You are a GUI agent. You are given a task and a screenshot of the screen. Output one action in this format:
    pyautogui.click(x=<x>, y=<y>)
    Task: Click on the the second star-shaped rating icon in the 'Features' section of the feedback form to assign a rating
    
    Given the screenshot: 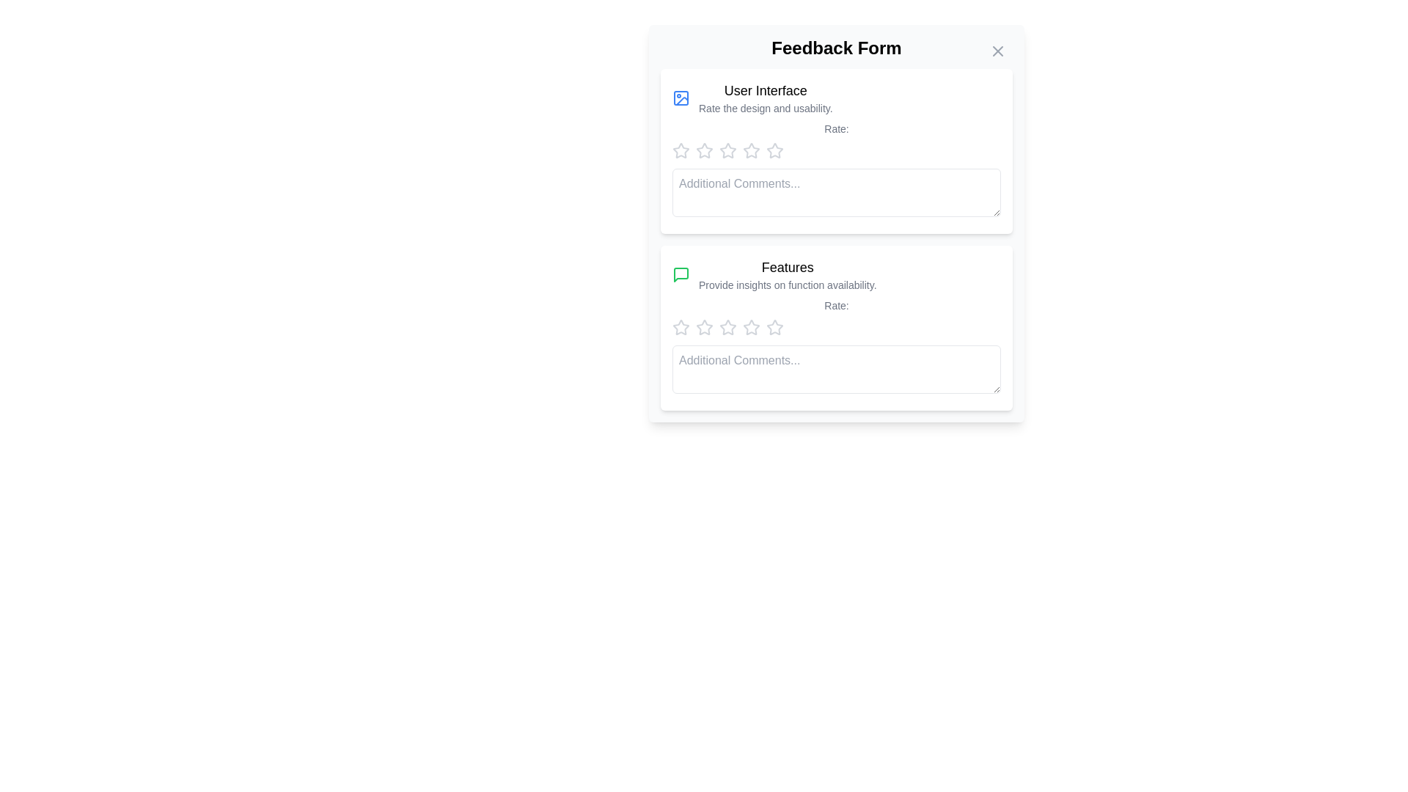 What is the action you would take?
    pyautogui.click(x=728, y=326)
    